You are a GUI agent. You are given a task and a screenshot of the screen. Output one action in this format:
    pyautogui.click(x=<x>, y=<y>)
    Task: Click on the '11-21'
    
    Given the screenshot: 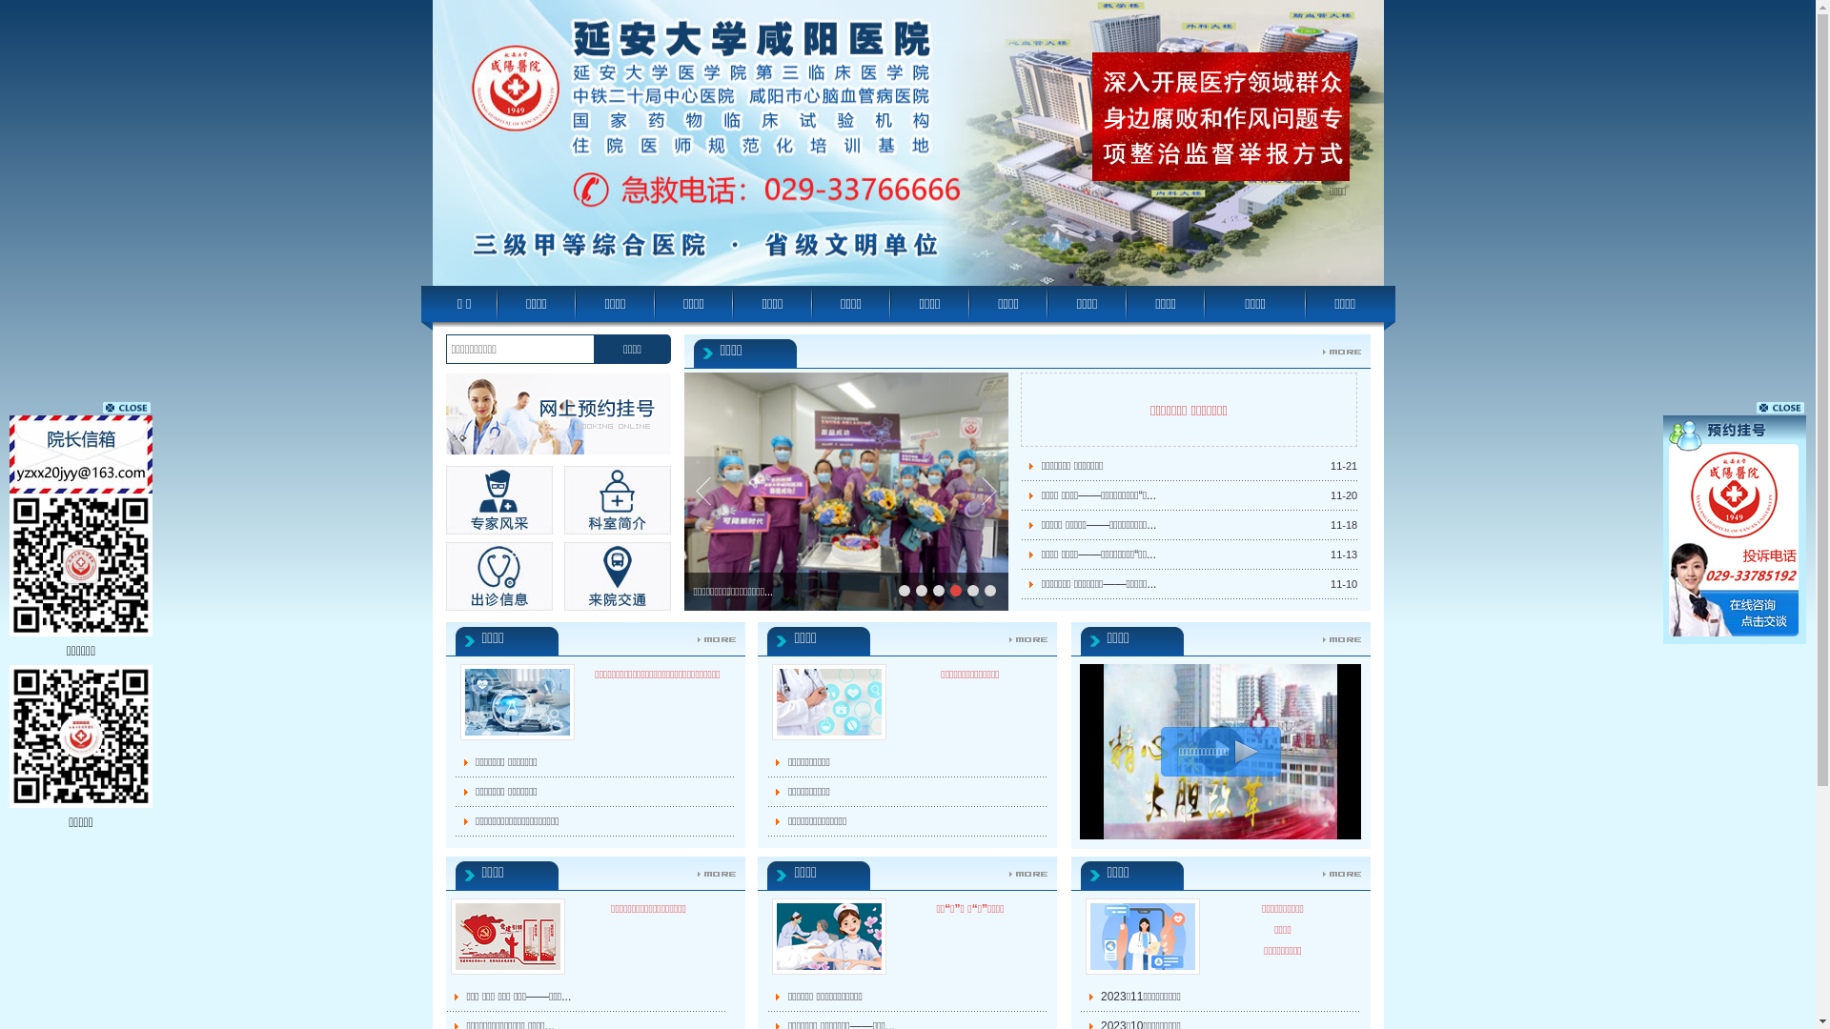 What is the action you would take?
    pyautogui.click(x=1343, y=466)
    